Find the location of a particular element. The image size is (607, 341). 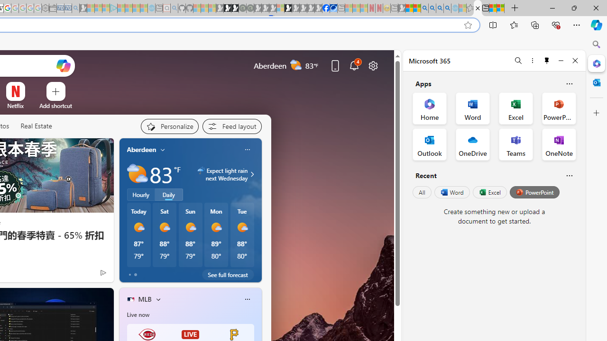

'My location' is located at coordinates (163, 149).